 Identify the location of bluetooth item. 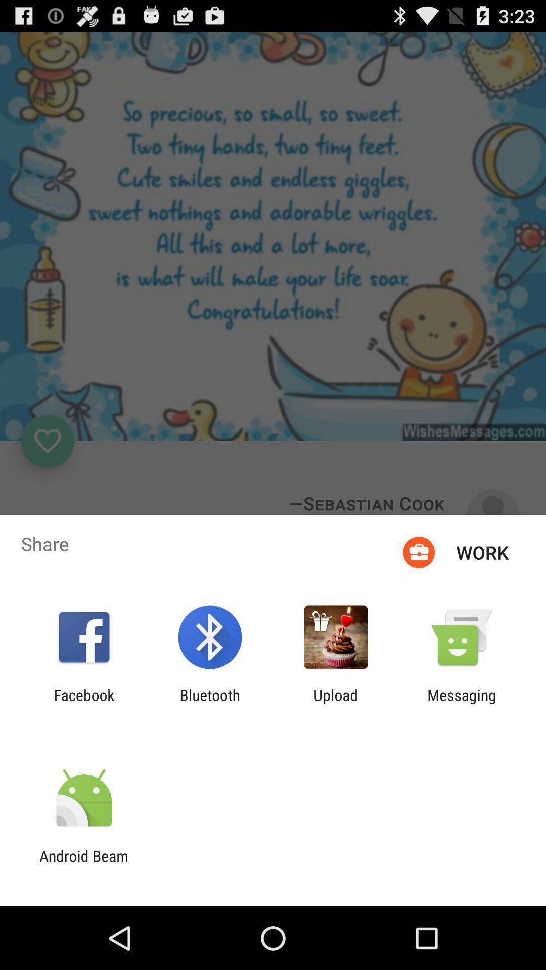
(209, 703).